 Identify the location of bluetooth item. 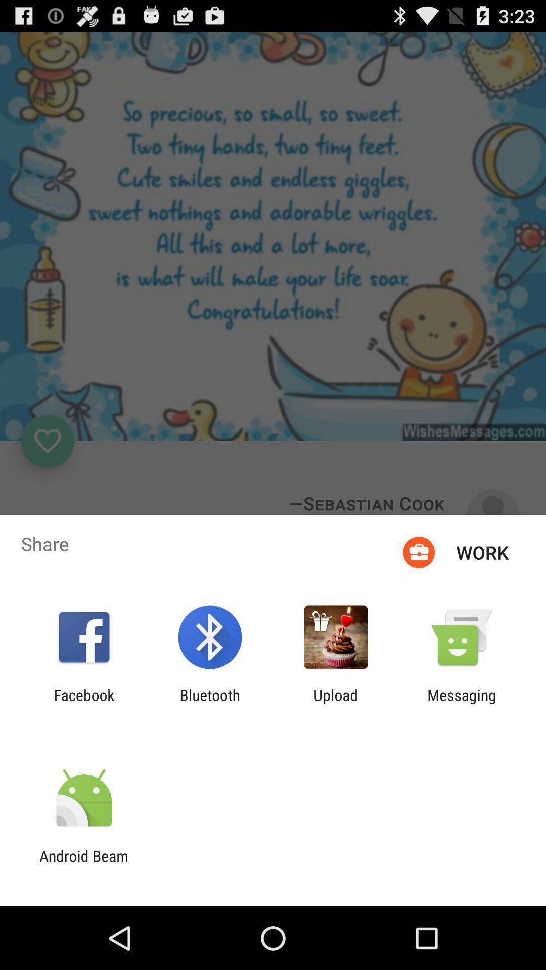
(209, 703).